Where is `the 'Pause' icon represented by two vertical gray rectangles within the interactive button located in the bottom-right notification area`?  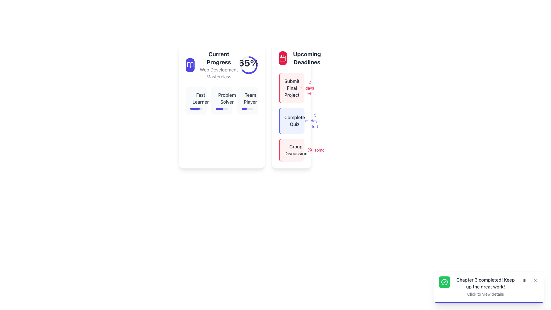
the 'Pause' icon represented by two vertical gray rectangles within the interactive button located in the bottom-right notification area is located at coordinates (525, 280).